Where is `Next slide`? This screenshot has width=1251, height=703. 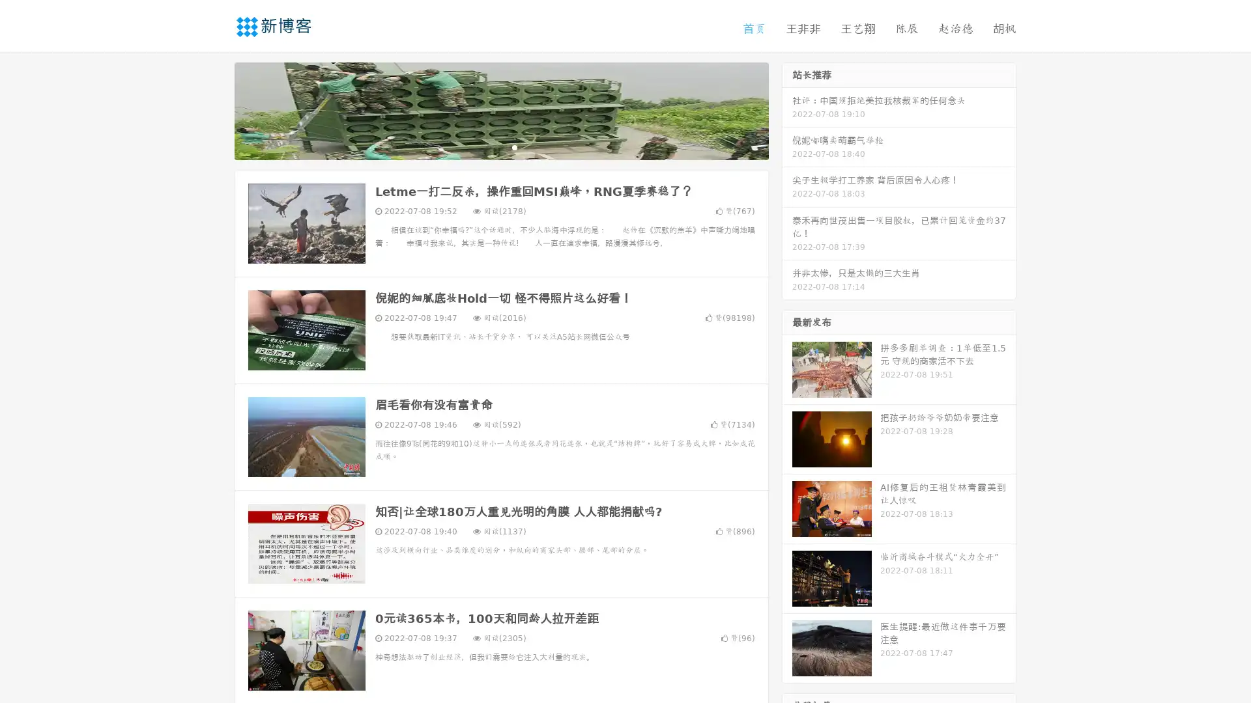
Next slide is located at coordinates (787, 109).